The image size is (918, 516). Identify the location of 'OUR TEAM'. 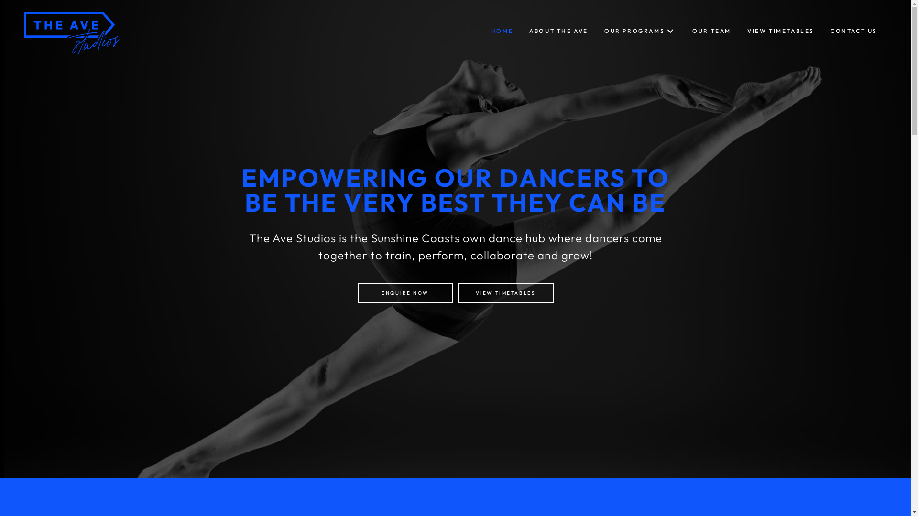
(711, 31).